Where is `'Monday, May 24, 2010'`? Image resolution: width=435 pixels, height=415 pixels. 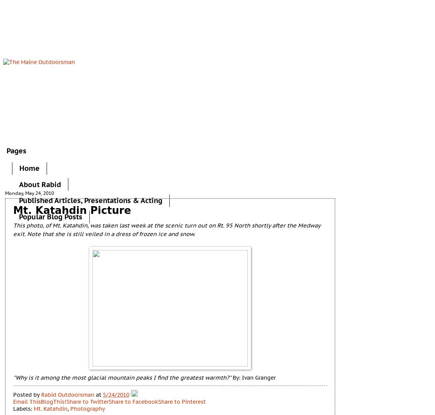
'Monday, May 24, 2010' is located at coordinates (30, 192).